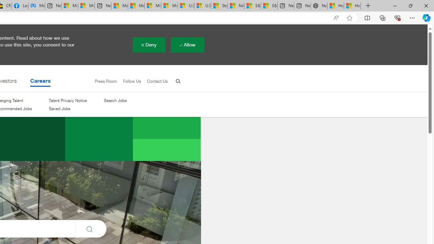  Describe the element at coordinates (149, 44) in the screenshot. I see `'Deny'` at that location.